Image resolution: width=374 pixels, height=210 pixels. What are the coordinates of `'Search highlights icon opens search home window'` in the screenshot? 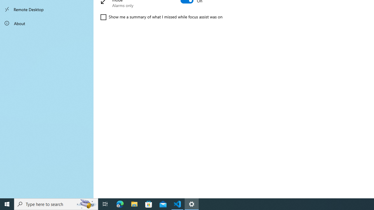 It's located at (86, 204).